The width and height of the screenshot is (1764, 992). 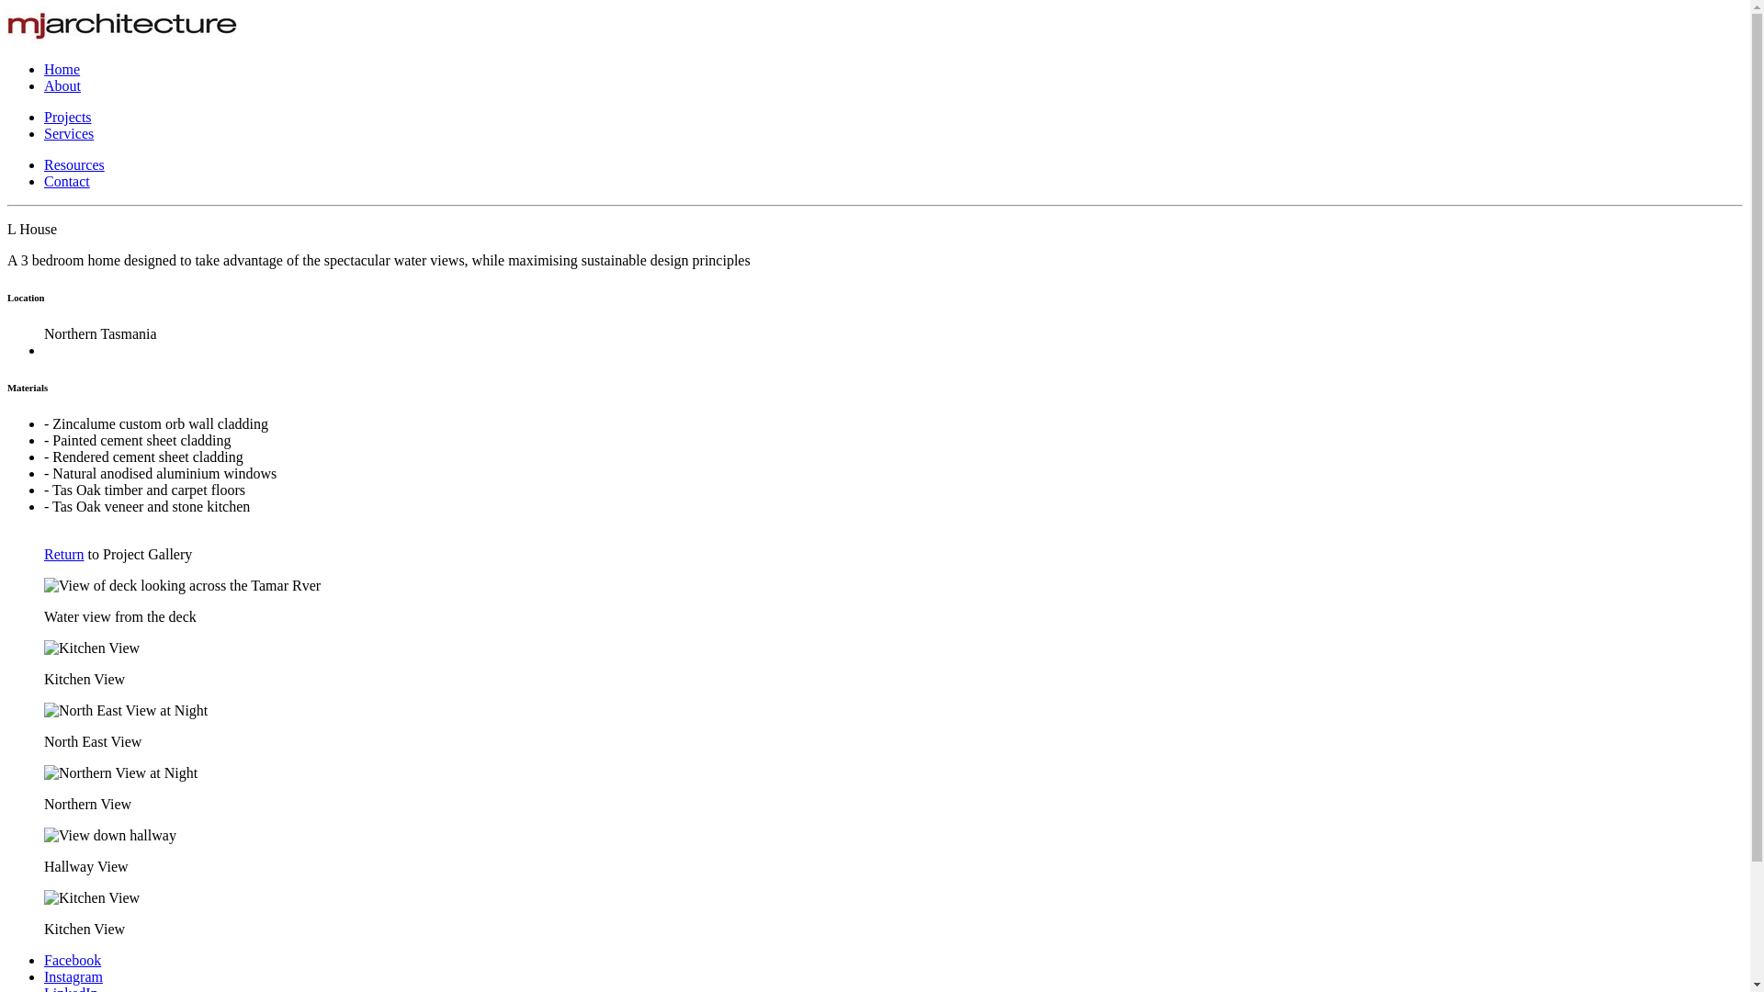 I want to click on 'Resources', so click(x=44, y=163).